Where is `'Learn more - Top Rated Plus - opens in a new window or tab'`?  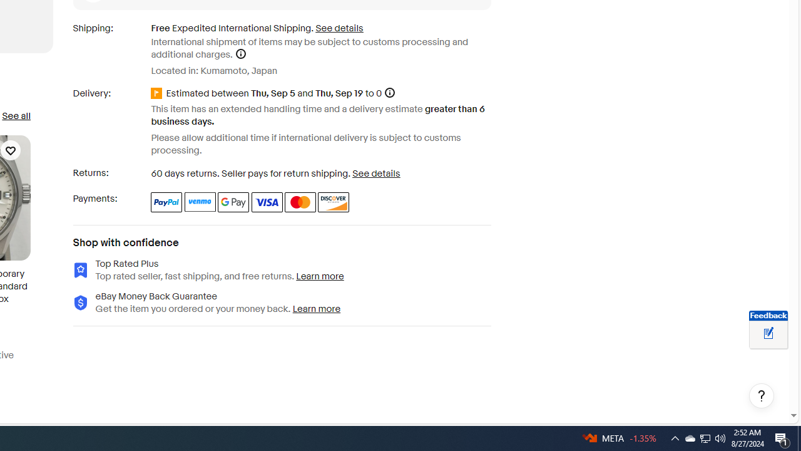
'Learn more - Top Rated Plus - opens in a new window or tab' is located at coordinates (320, 276).